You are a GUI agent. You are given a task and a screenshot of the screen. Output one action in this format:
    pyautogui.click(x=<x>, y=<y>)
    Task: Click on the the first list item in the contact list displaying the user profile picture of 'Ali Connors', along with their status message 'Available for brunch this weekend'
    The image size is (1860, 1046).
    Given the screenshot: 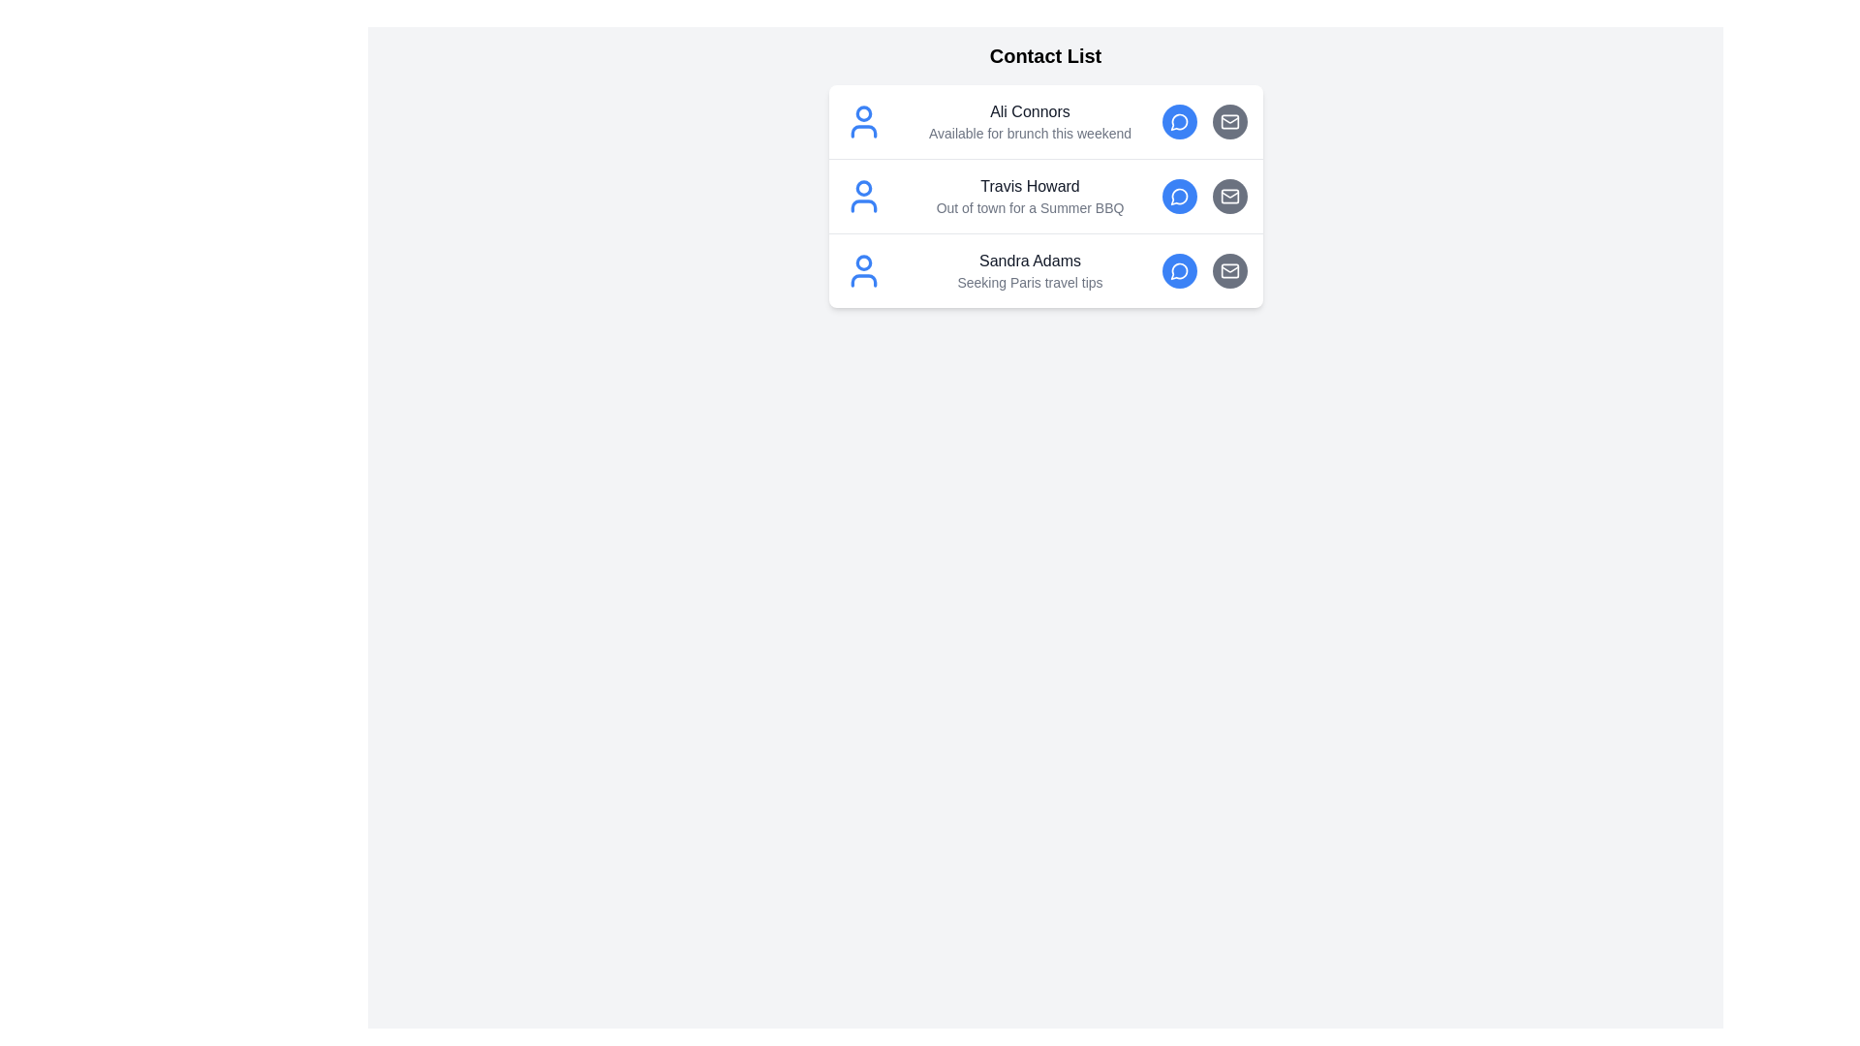 What is the action you would take?
    pyautogui.click(x=1044, y=122)
    